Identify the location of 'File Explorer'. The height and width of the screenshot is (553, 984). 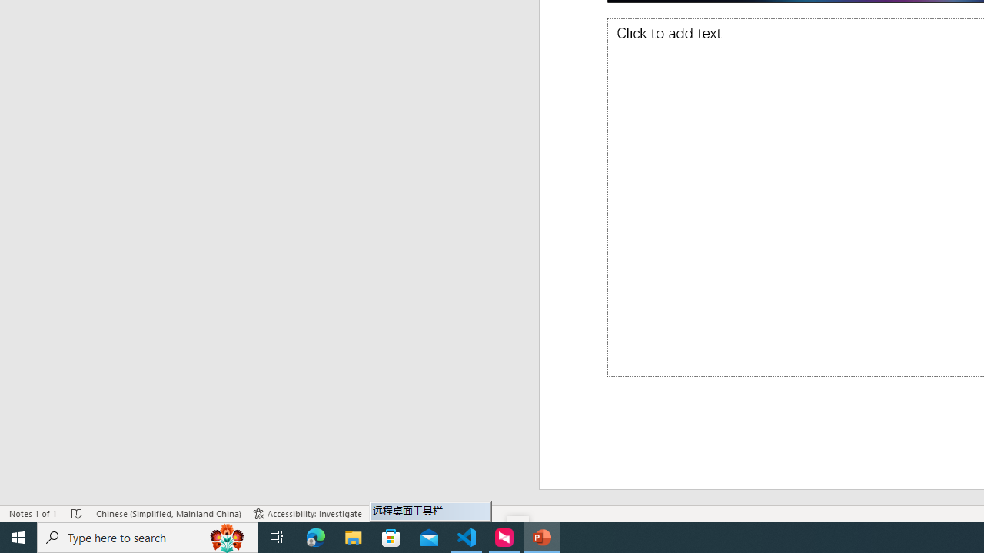
(353, 536).